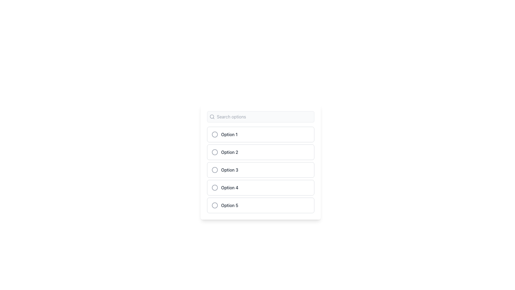 This screenshot has width=515, height=290. I want to click on the search icon located at the leftmost part of the search bar to initiate a search action, so click(212, 117).